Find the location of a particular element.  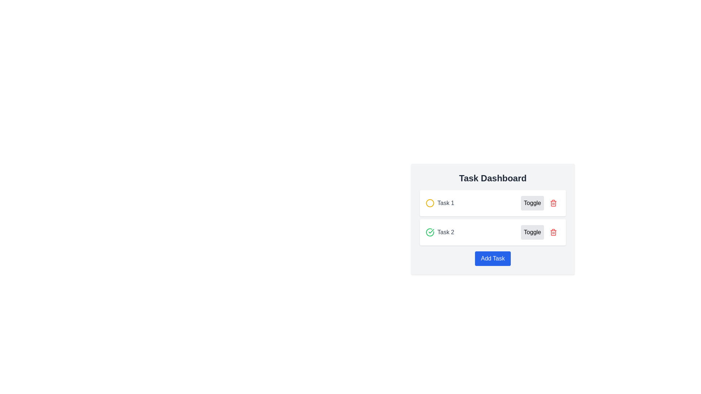

the delete button with an icon located at the far right of the second task entry in the Task Dashboard is located at coordinates (553, 232).